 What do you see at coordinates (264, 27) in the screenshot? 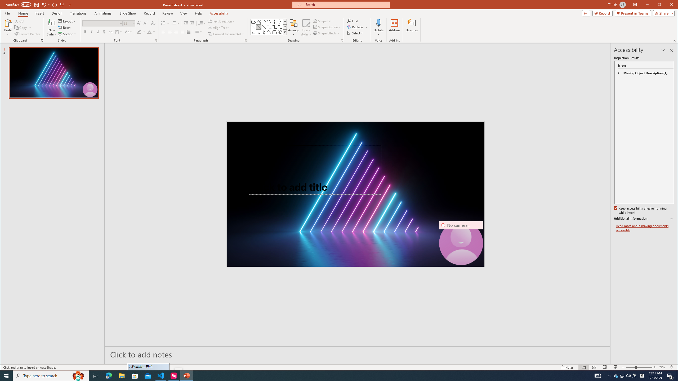
I see `'Line Arrow: Double'` at bounding box center [264, 27].